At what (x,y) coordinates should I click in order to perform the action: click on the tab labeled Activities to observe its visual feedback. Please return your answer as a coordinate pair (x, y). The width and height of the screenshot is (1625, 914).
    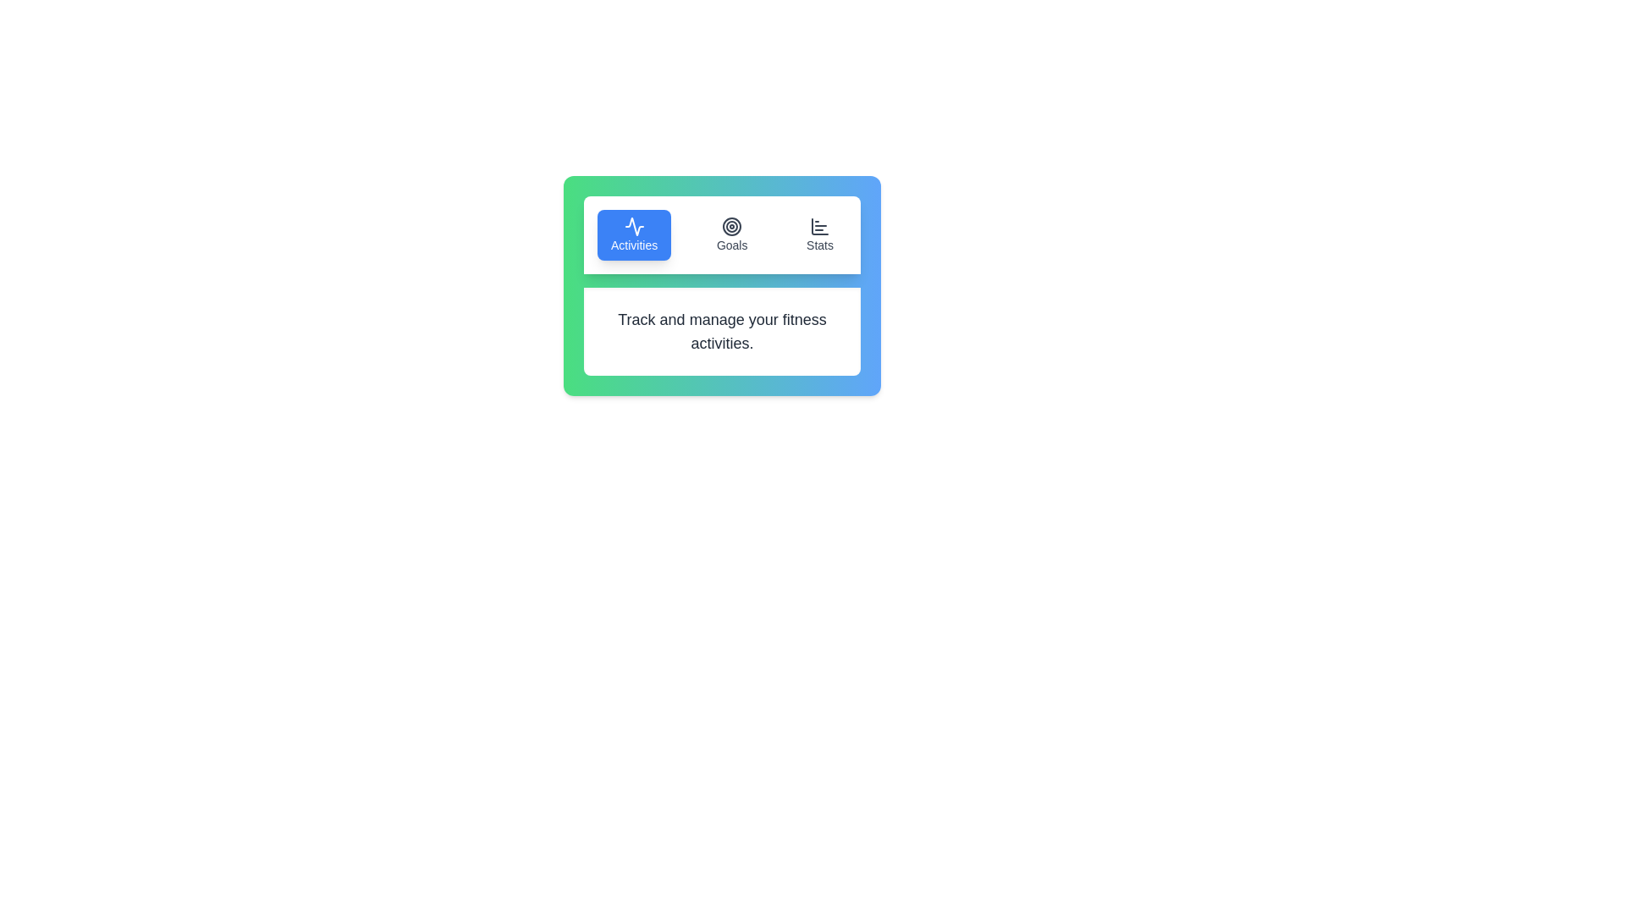
    Looking at the image, I should click on (633, 234).